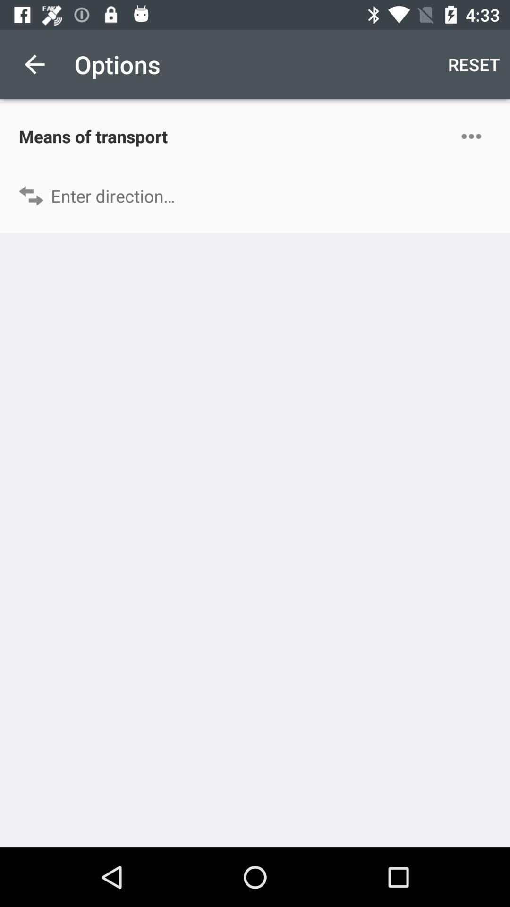  I want to click on icon to the left of options, so click(34, 64).